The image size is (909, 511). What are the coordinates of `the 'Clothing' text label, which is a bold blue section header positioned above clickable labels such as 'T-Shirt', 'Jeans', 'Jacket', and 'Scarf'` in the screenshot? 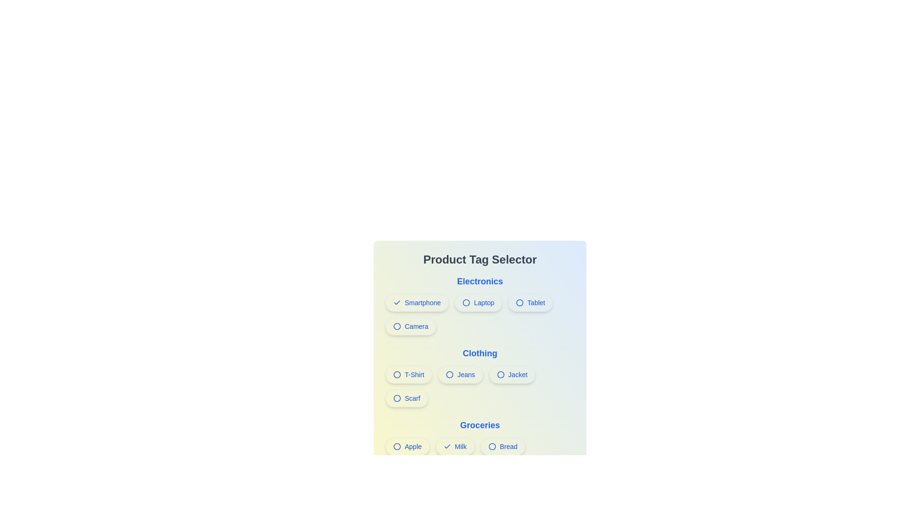 It's located at (480, 353).